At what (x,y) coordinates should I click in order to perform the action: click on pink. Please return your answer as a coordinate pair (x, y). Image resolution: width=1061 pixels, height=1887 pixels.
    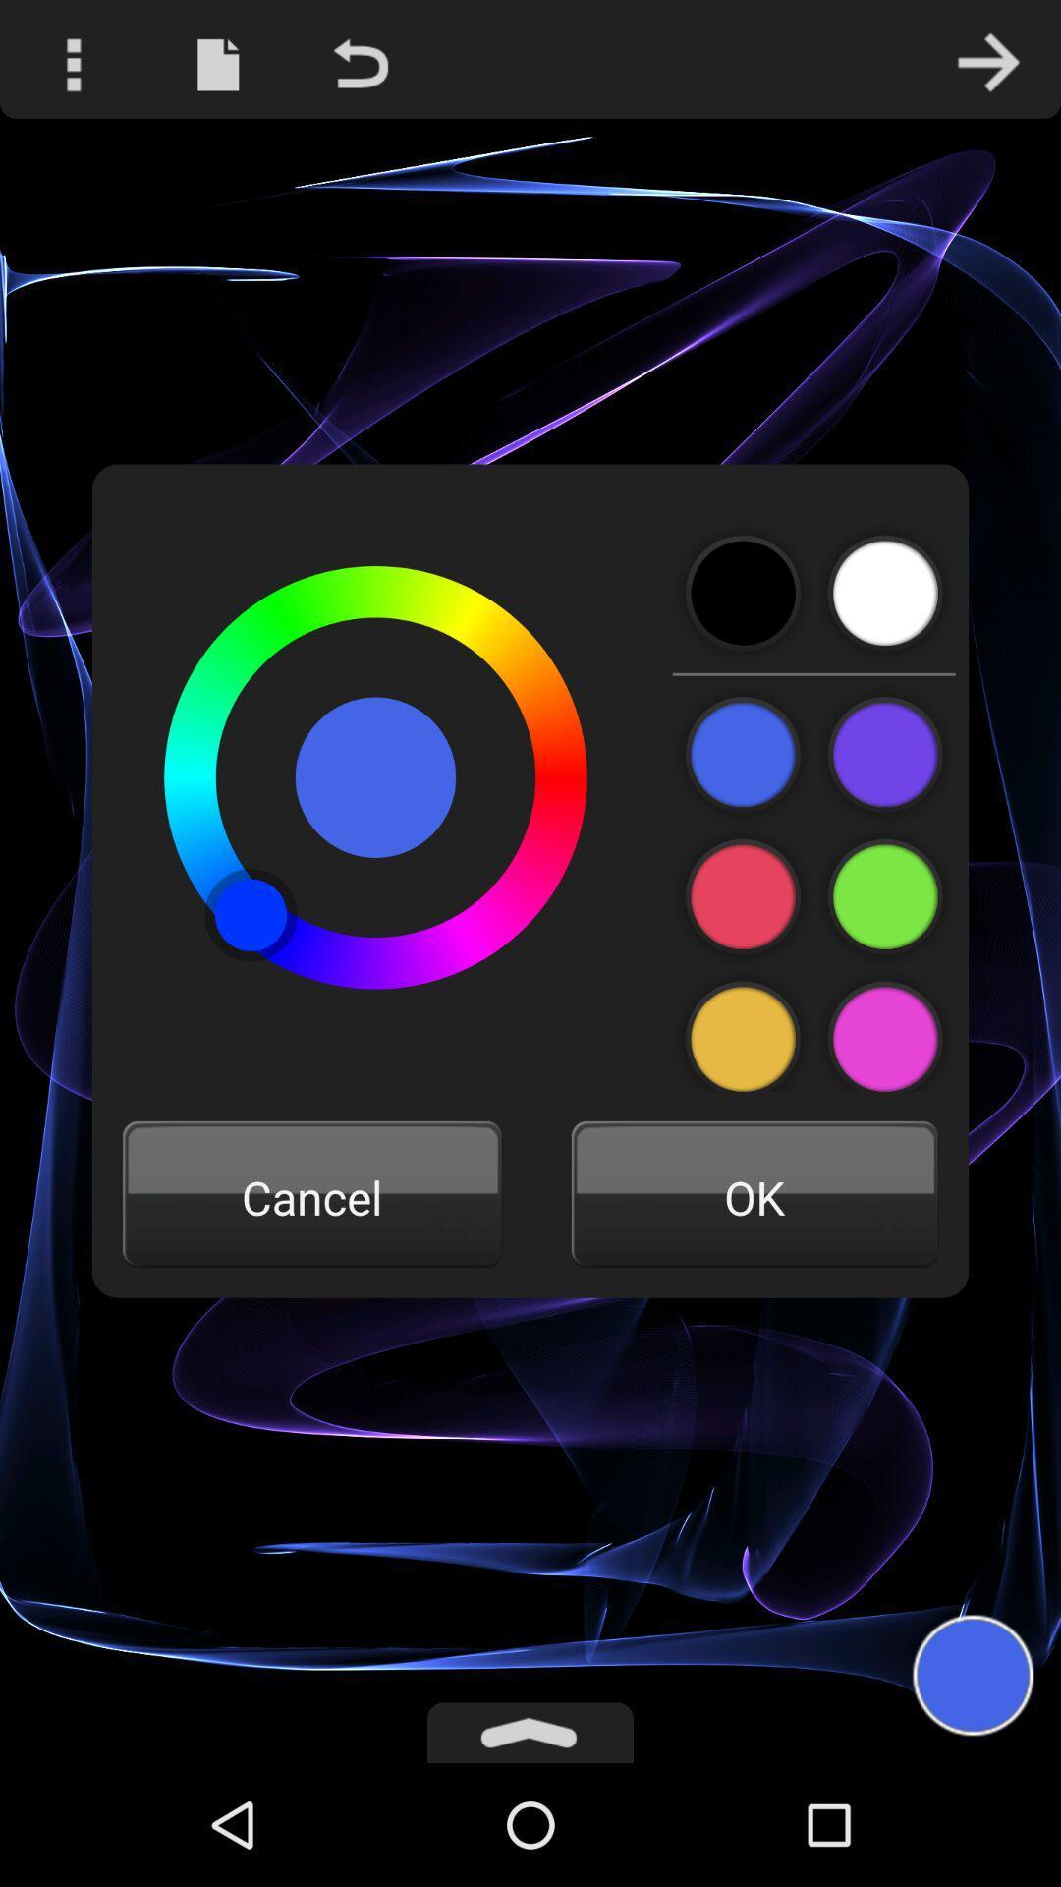
    Looking at the image, I should click on (744, 896).